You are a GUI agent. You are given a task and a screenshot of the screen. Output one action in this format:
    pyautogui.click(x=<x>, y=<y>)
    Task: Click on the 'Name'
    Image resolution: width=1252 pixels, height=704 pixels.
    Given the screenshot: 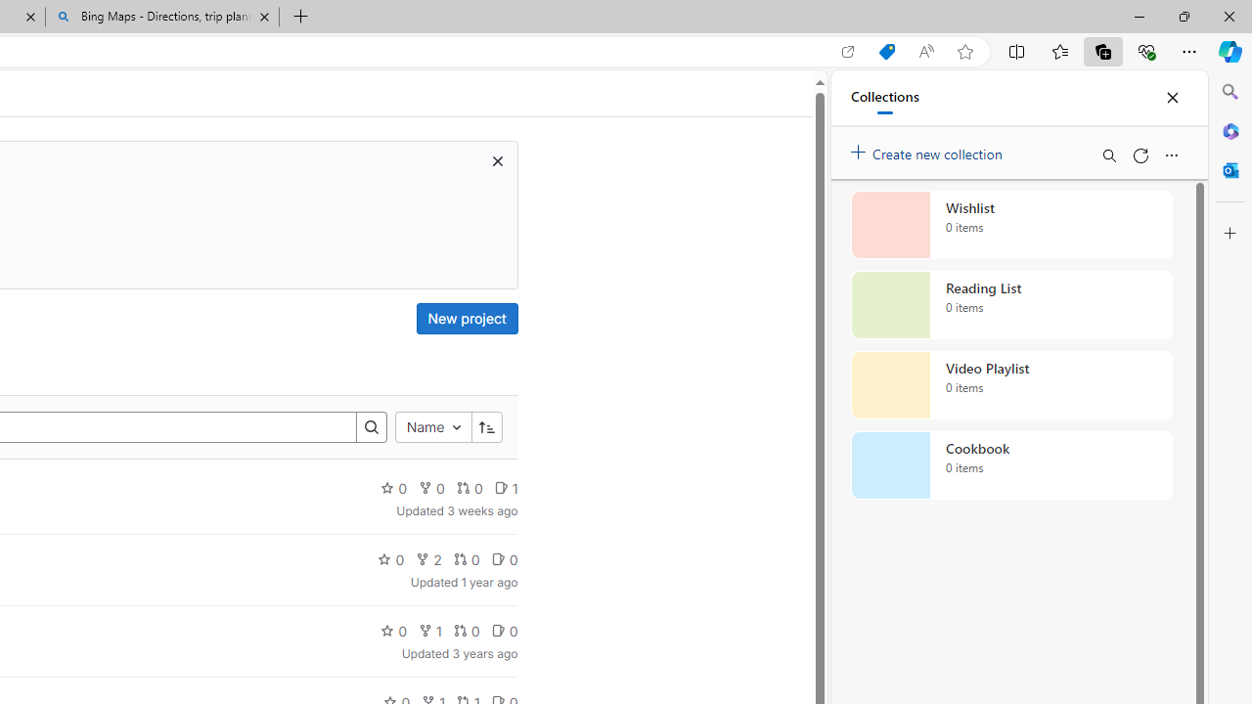 What is the action you would take?
    pyautogui.click(x=431, y=426)
    